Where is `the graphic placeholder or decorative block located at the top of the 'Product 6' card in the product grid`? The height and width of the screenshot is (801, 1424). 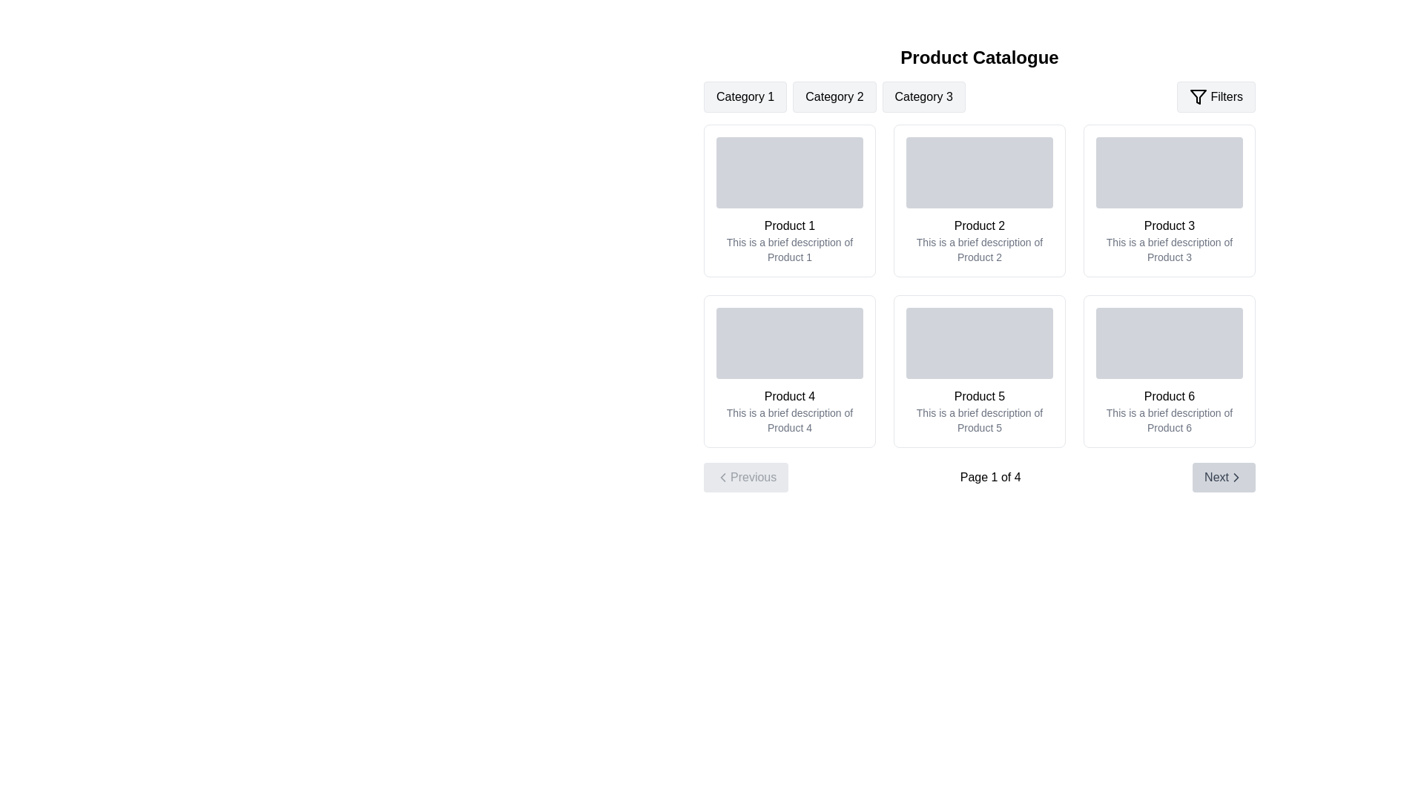 the graphic placeholder or decorative block located at the top of the 'Product 6' card in the product grid is located at coordinates (1169, 343).